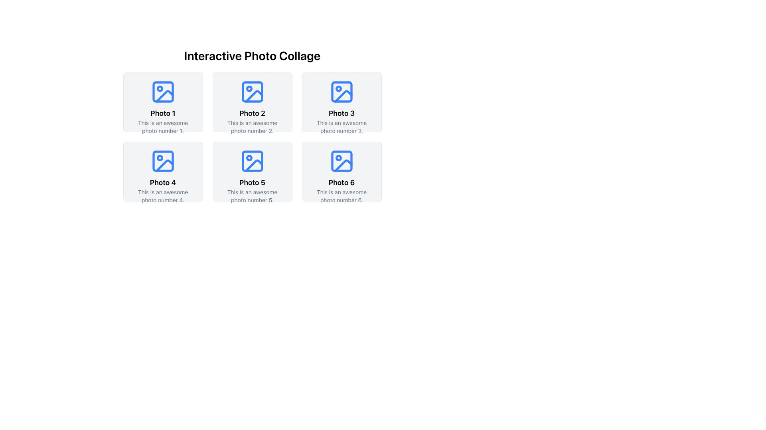 This screenshot has height=430, width=766. What do you see at coordinates (342, 127) in the screenshot?
I see `the text block that contains the gray text 'This is an awesome photo number 3.' located below the bold title 'Photo 3' within the third card of a 3x2 grid` at bounding box center [342, 127].